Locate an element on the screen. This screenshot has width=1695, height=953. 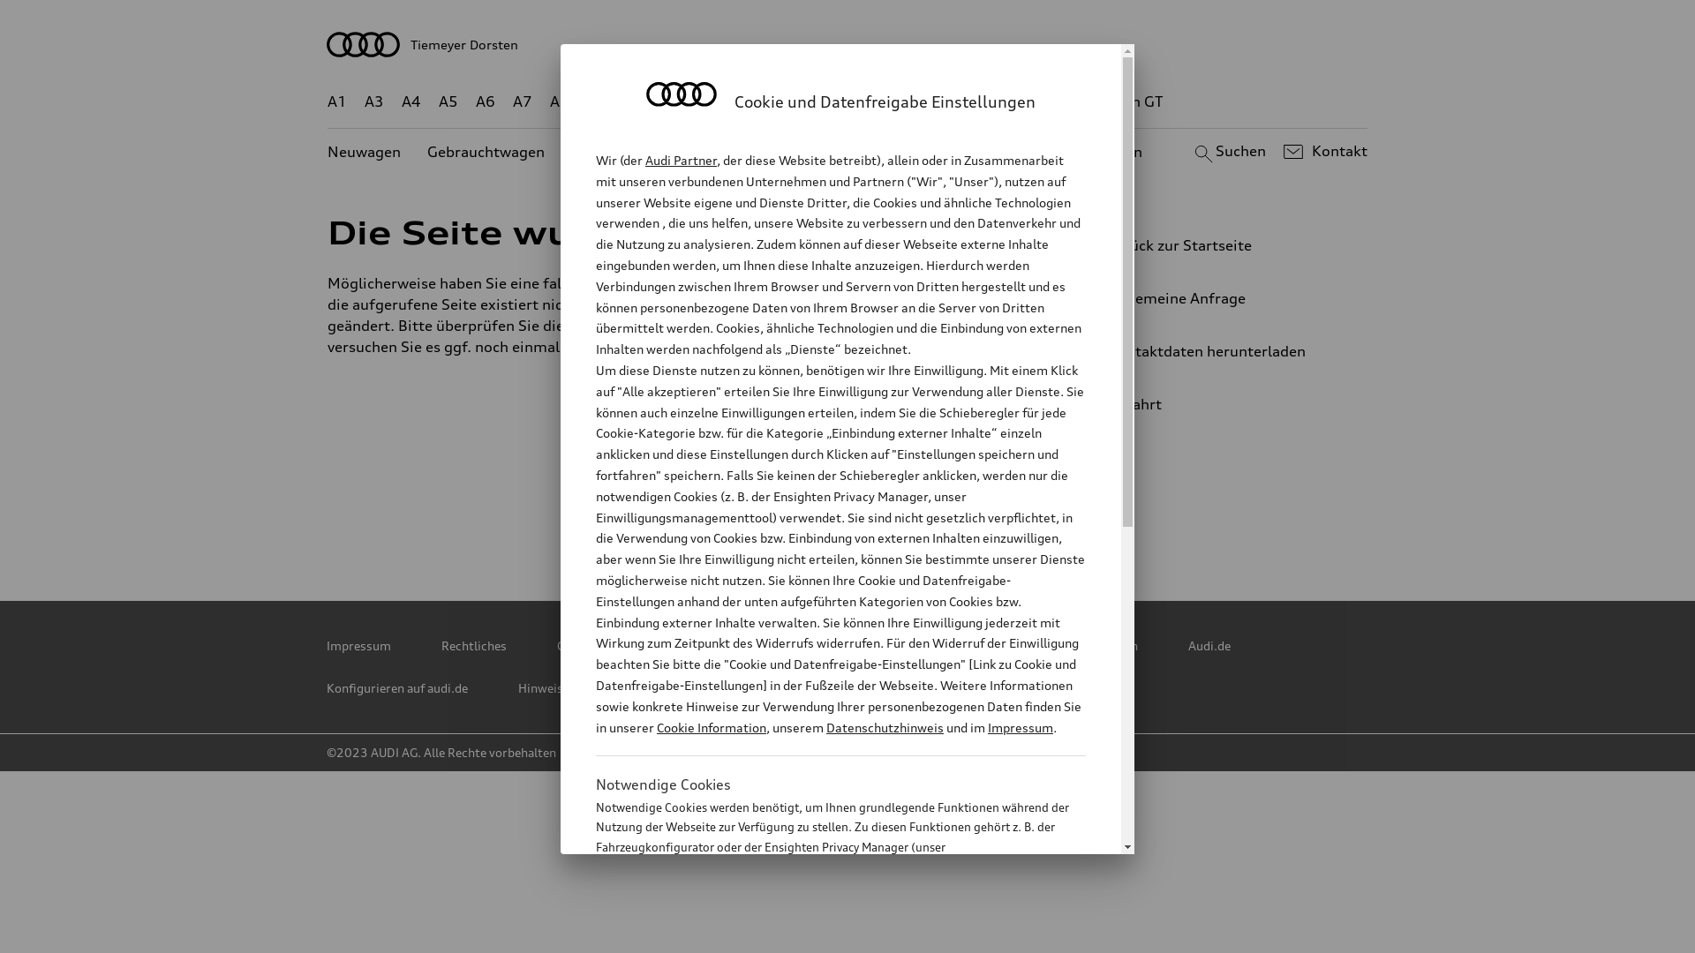
'YouTube' is located at coordinates (927, 516).